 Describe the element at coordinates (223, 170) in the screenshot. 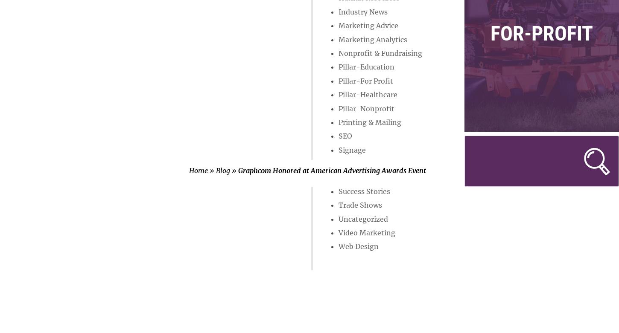

I see `'Blog'` at that location.